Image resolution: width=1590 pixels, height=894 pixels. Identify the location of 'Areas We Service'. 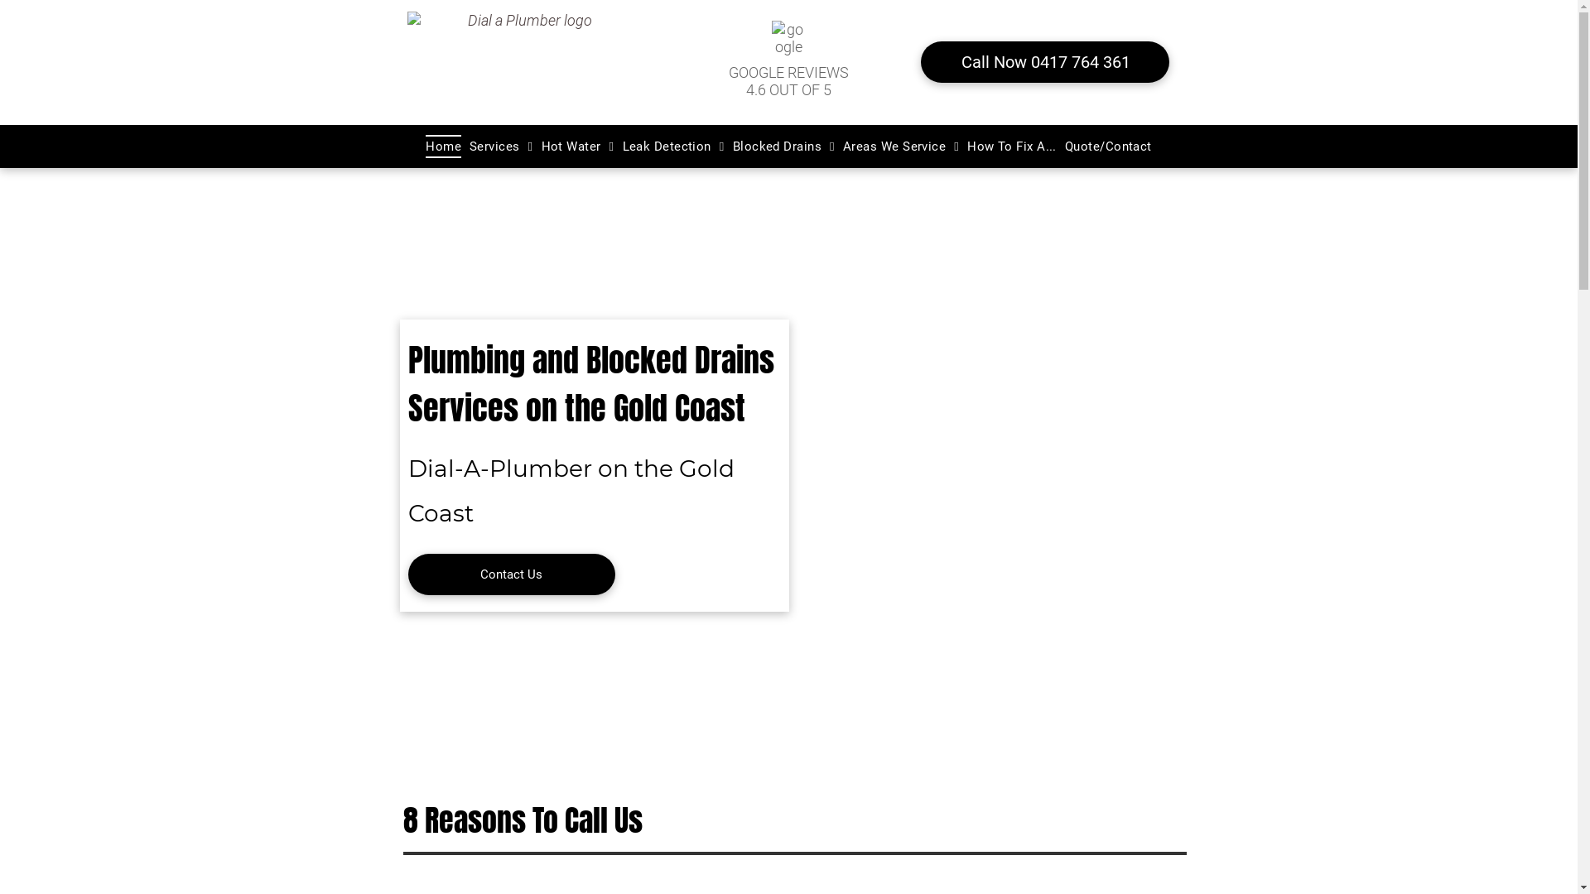
(900, 146).